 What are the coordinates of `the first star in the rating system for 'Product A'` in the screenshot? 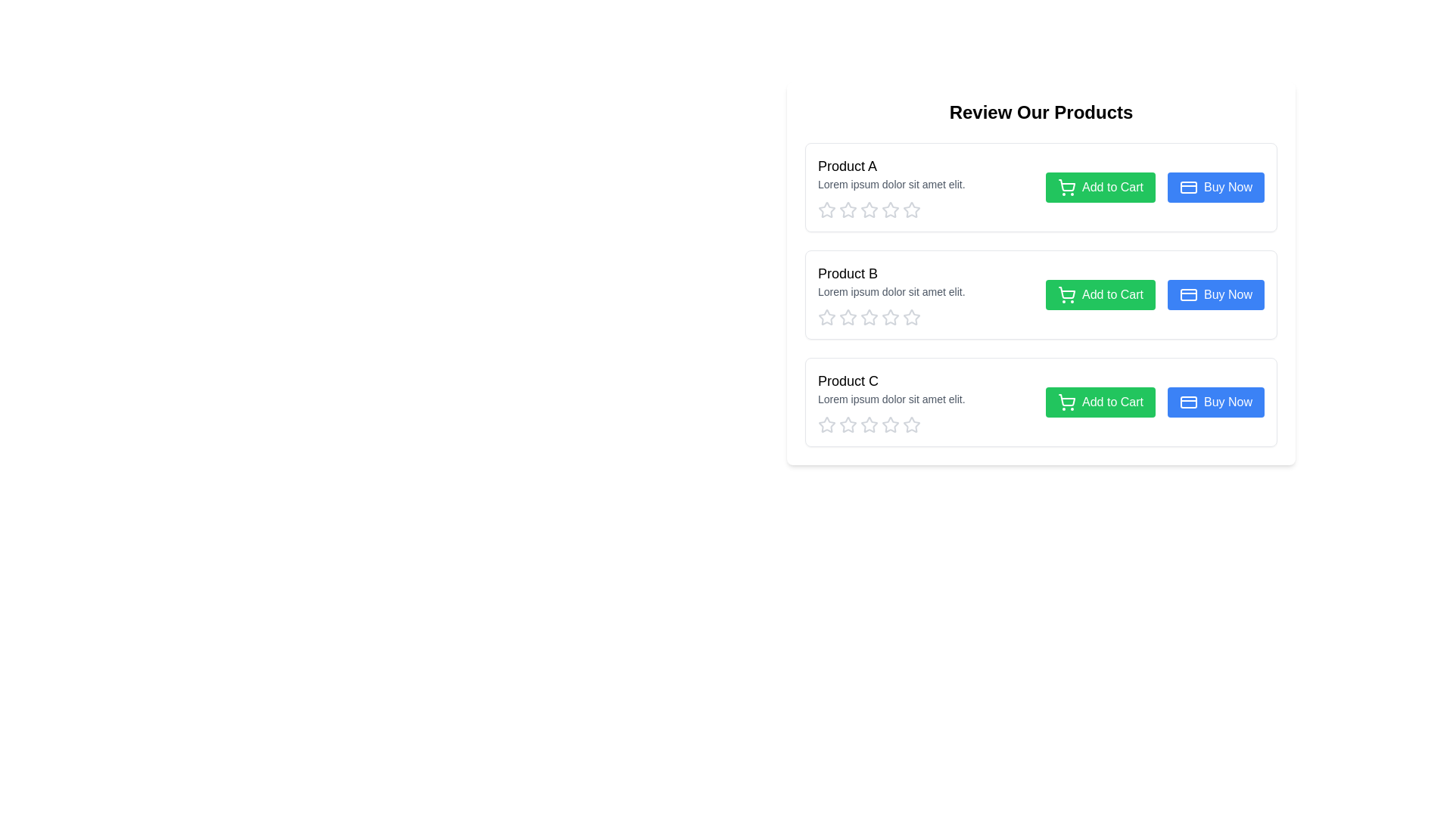 It's located at (826, 210).